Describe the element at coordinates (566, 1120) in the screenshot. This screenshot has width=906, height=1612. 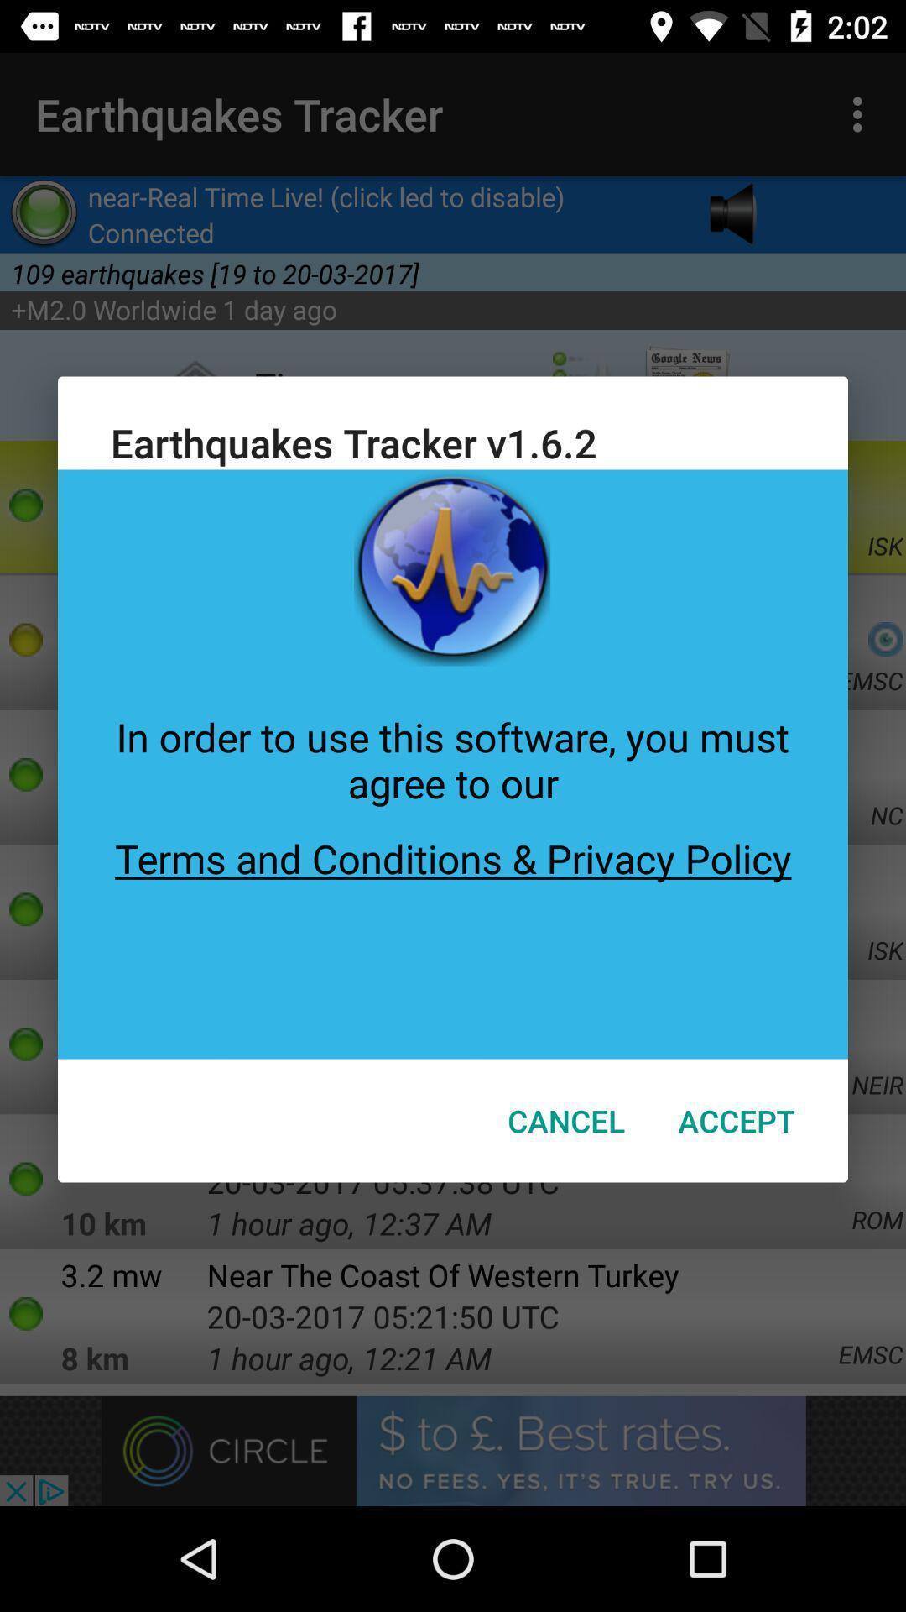
I see `icon next to accept icon` at that location.